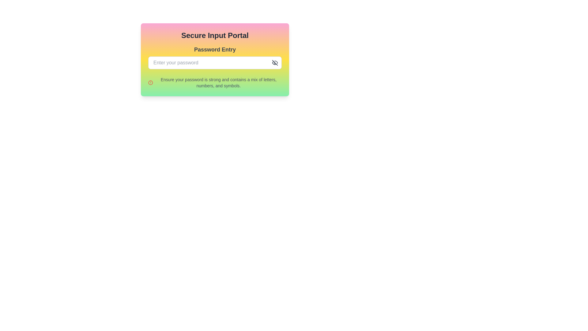 This screenshot has width=588, height=331. What do you see at coordinates (274, 63) in the screenshot?
I see `the eye icon with a slash that controls visibility, located to the right of the password input field, to change its shade` at bounding box center [274, 63].